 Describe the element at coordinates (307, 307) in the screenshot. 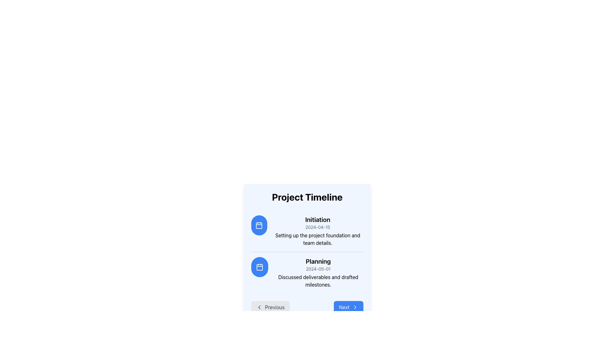

I see `the navigation control at the bottom of the timeline interface, which consists of 'Previous' and 'Next' buttons` at that location.